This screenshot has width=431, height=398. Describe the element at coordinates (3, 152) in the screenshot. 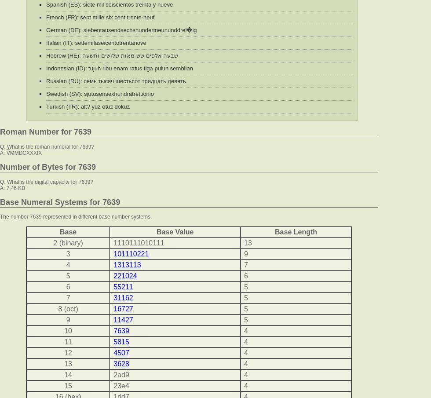

I see `'A:'` at that location.